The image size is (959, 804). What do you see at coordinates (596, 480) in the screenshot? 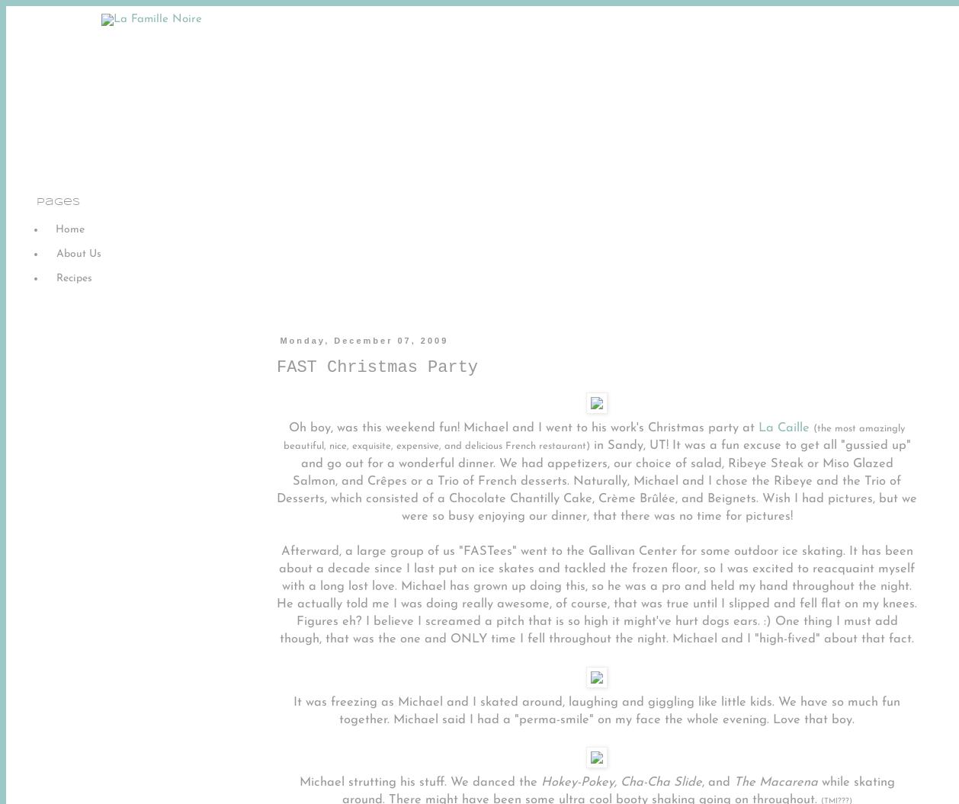
I see `'in Sandy, UT! It was a fun excuse to get all "gussied up" and go out for a wonderful dinner. We had appetizers, our choice of salad, Ribeye Steak or Miso Glazed Salmon, and Crêpes or a Trio of French desserts. Naturally, Michael and I chose the Ribeye and the Trio of Desserts, which consisted of a Chocolate Chantilly Cake, Crème Brûlée, and Beignets. Wish I had pictures, but we were so busy enjoying our dinner, that there was no time for pictures!'` at bounding box center [596, 480].